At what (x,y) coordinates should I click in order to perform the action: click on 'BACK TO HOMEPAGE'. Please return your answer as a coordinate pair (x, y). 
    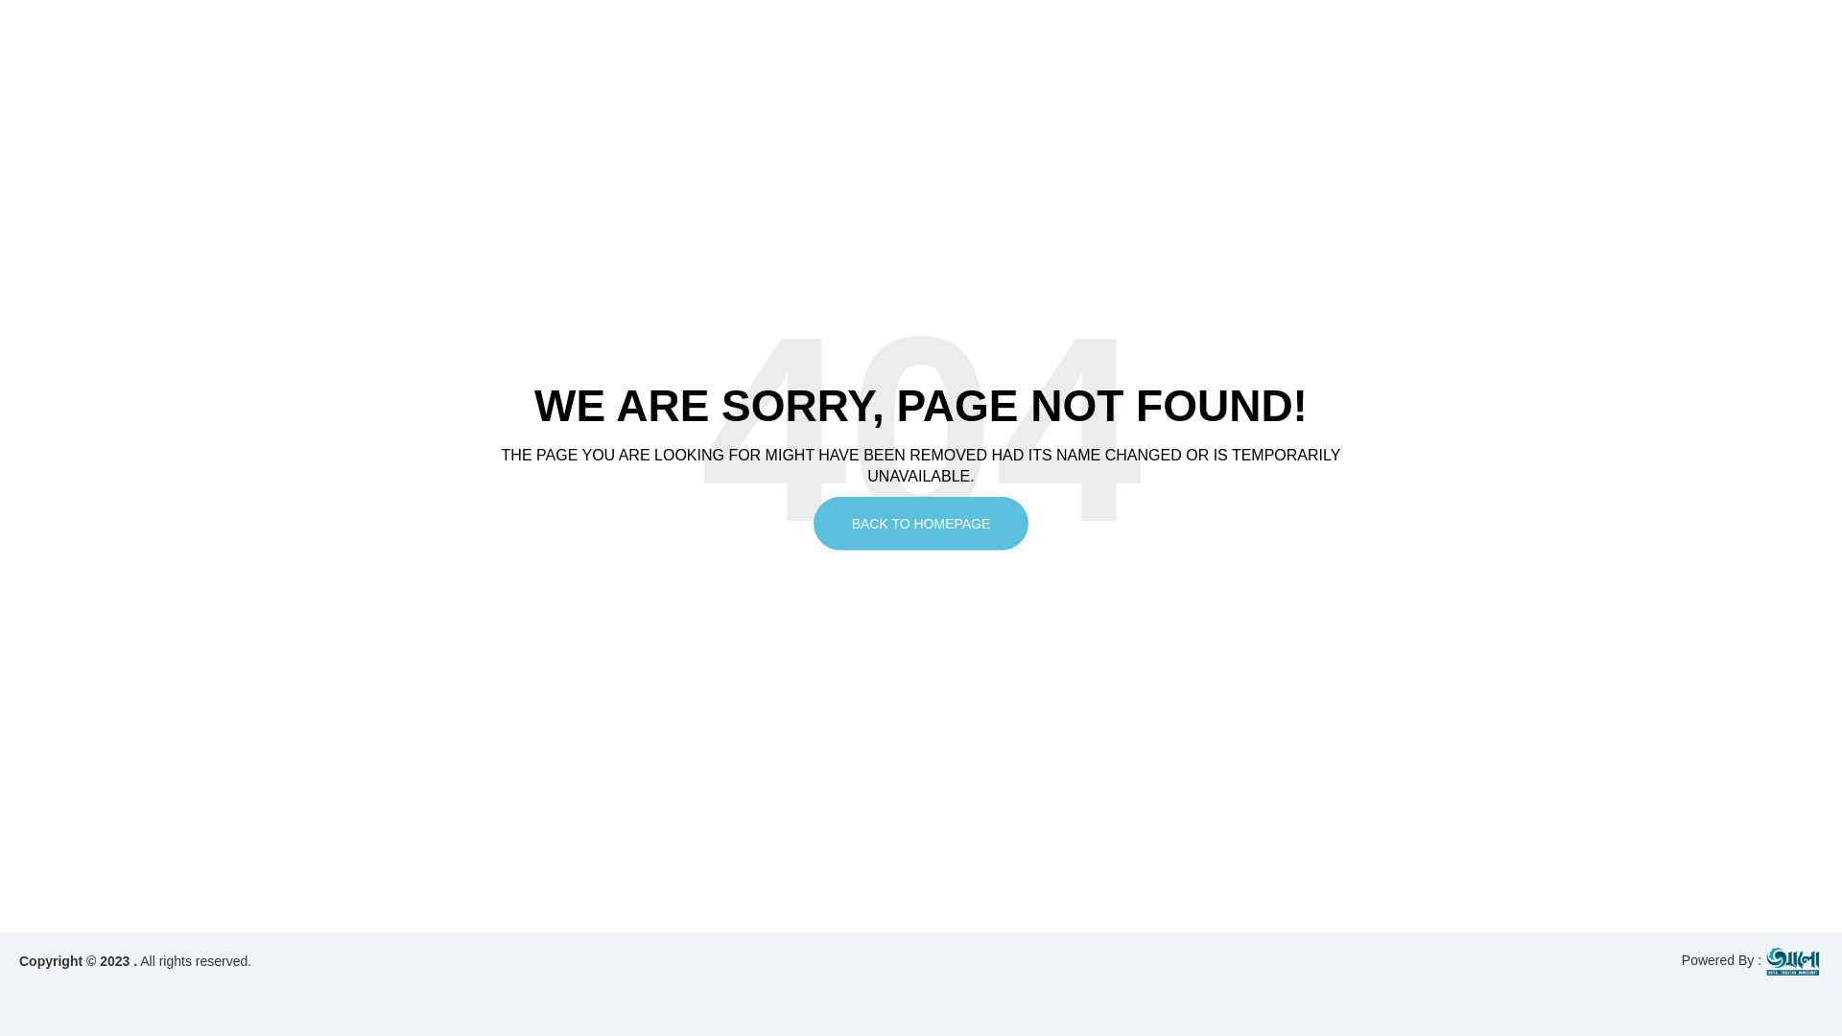
    Looking at the image, I should click on (921, 524).